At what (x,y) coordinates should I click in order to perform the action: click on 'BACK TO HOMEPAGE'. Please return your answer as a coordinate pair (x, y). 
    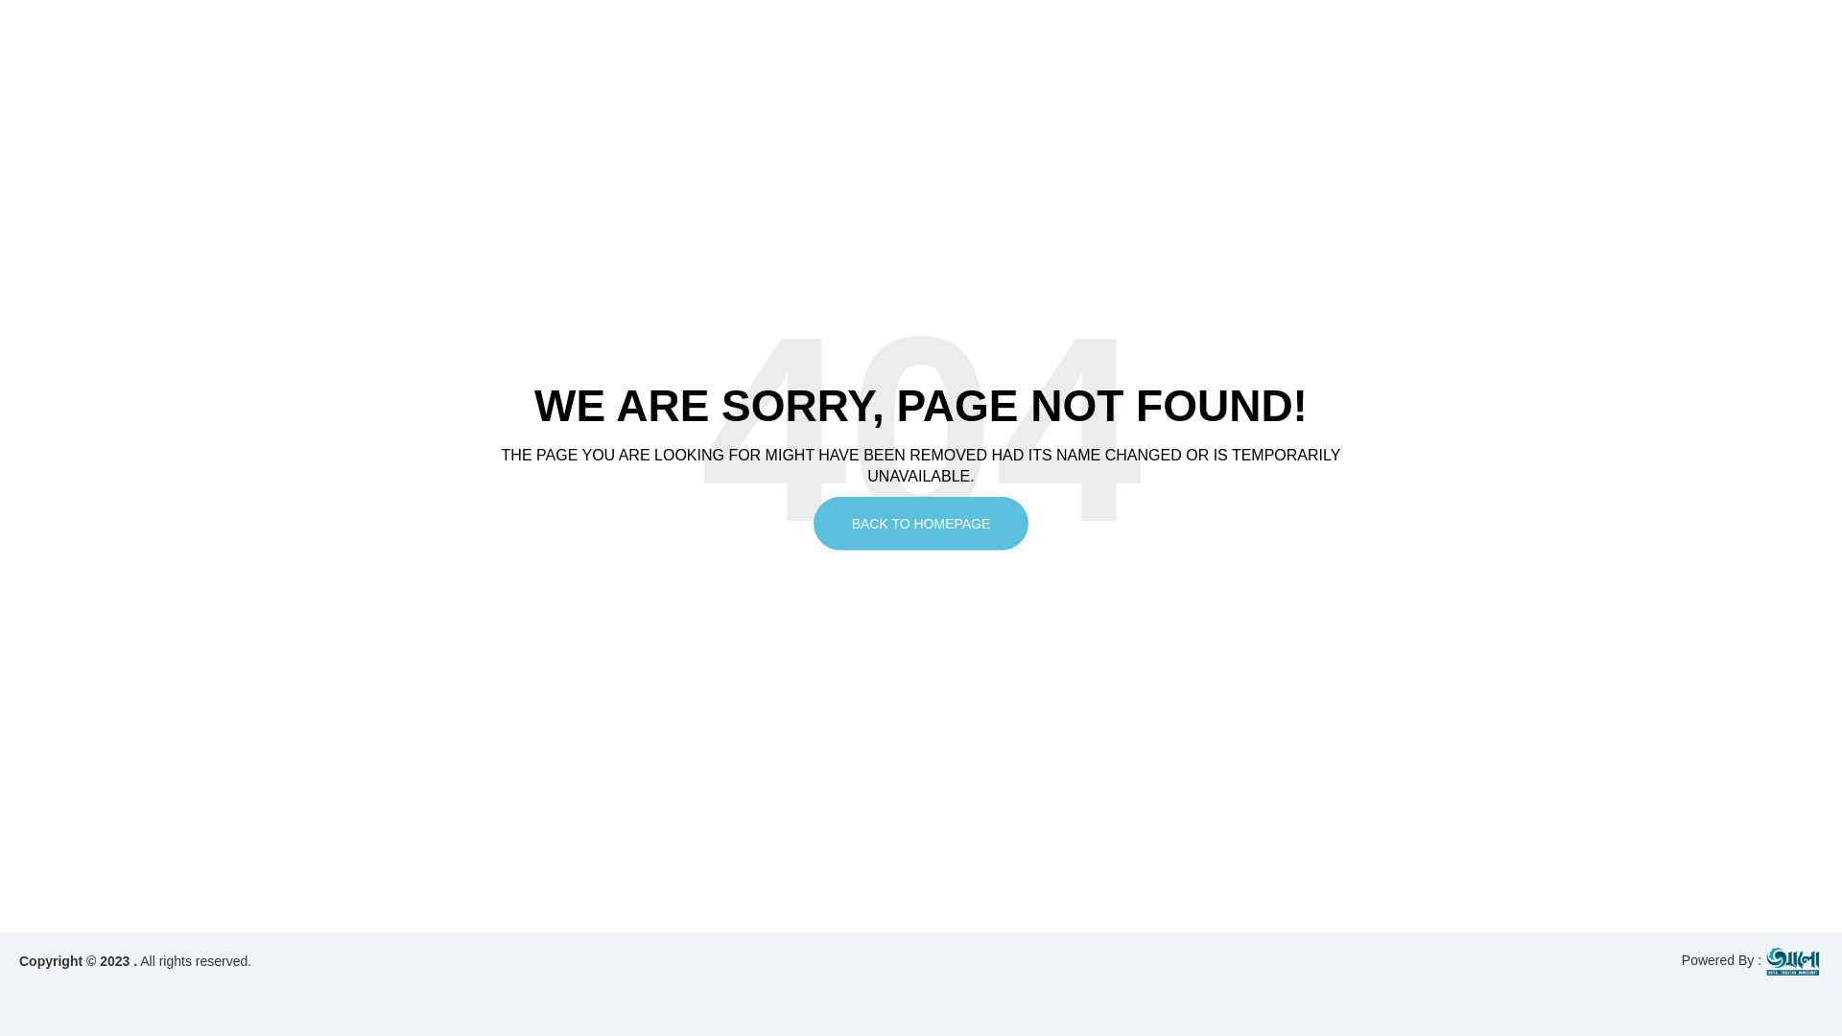
    Looking at the image, I should click on (921, 524).